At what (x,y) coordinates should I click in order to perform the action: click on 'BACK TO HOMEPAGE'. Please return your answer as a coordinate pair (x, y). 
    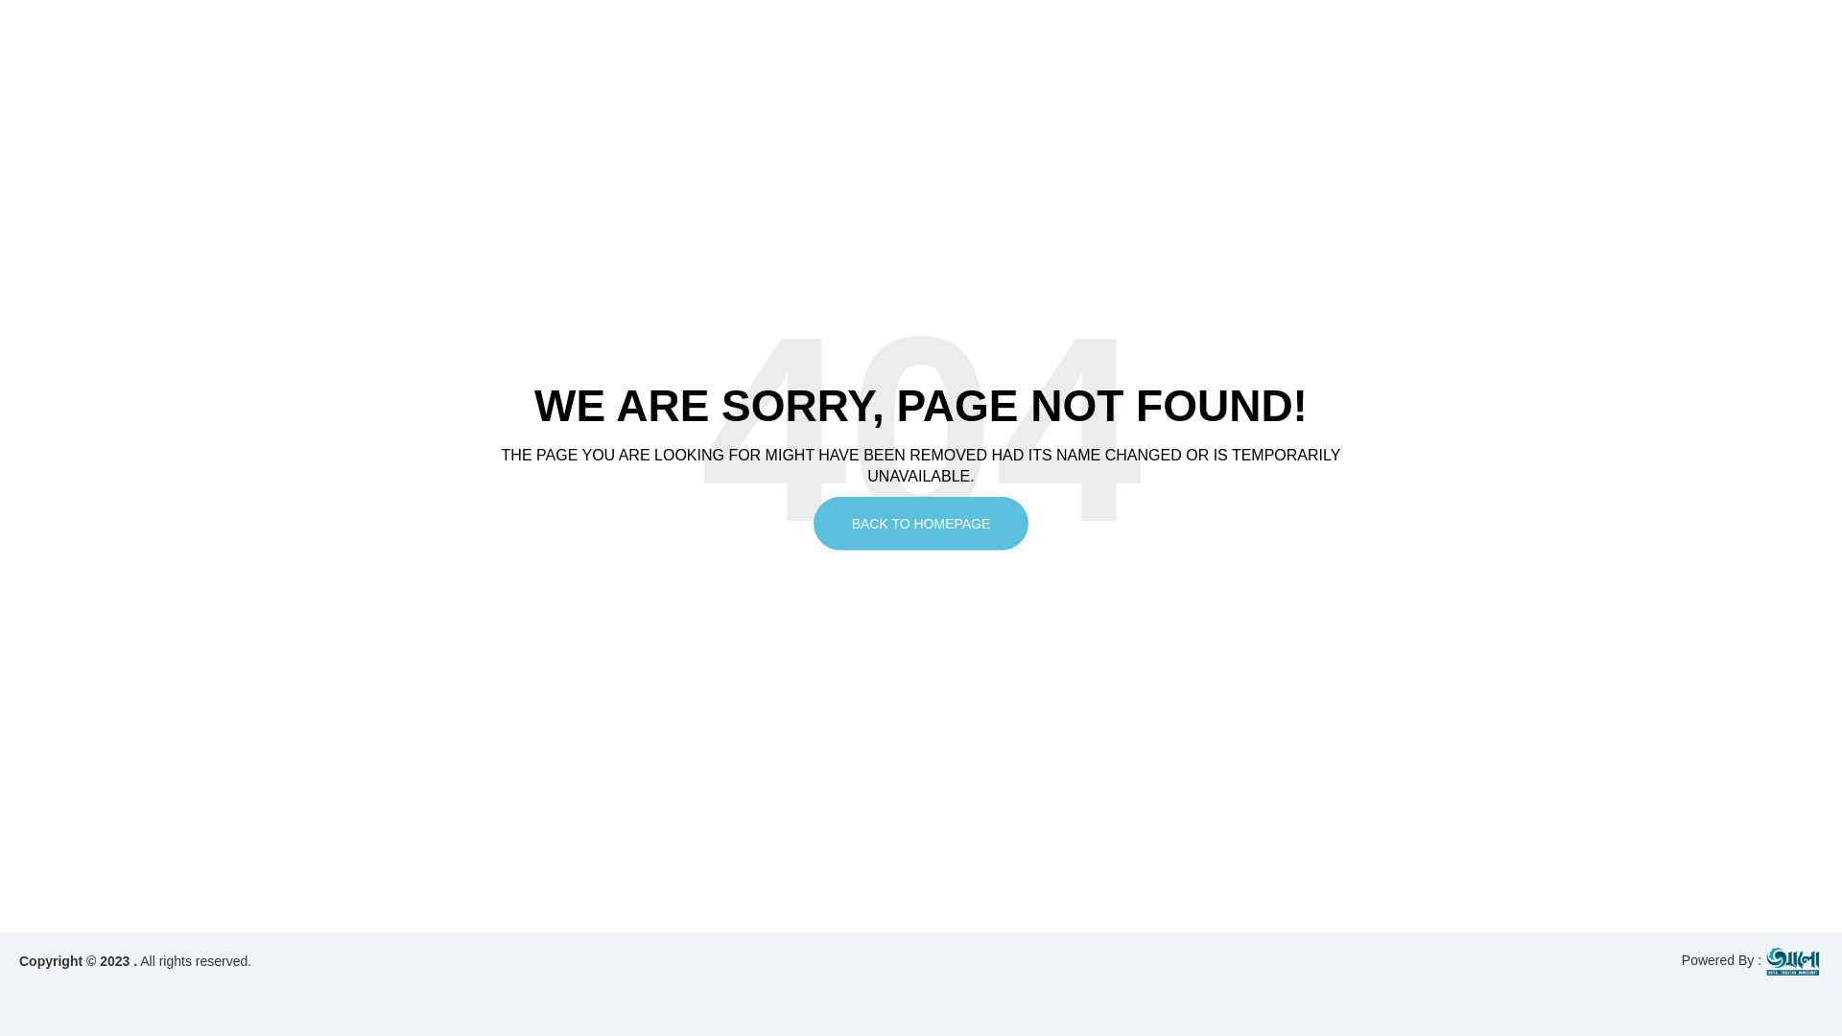
    Looking at the image, I should click on (921, 524).